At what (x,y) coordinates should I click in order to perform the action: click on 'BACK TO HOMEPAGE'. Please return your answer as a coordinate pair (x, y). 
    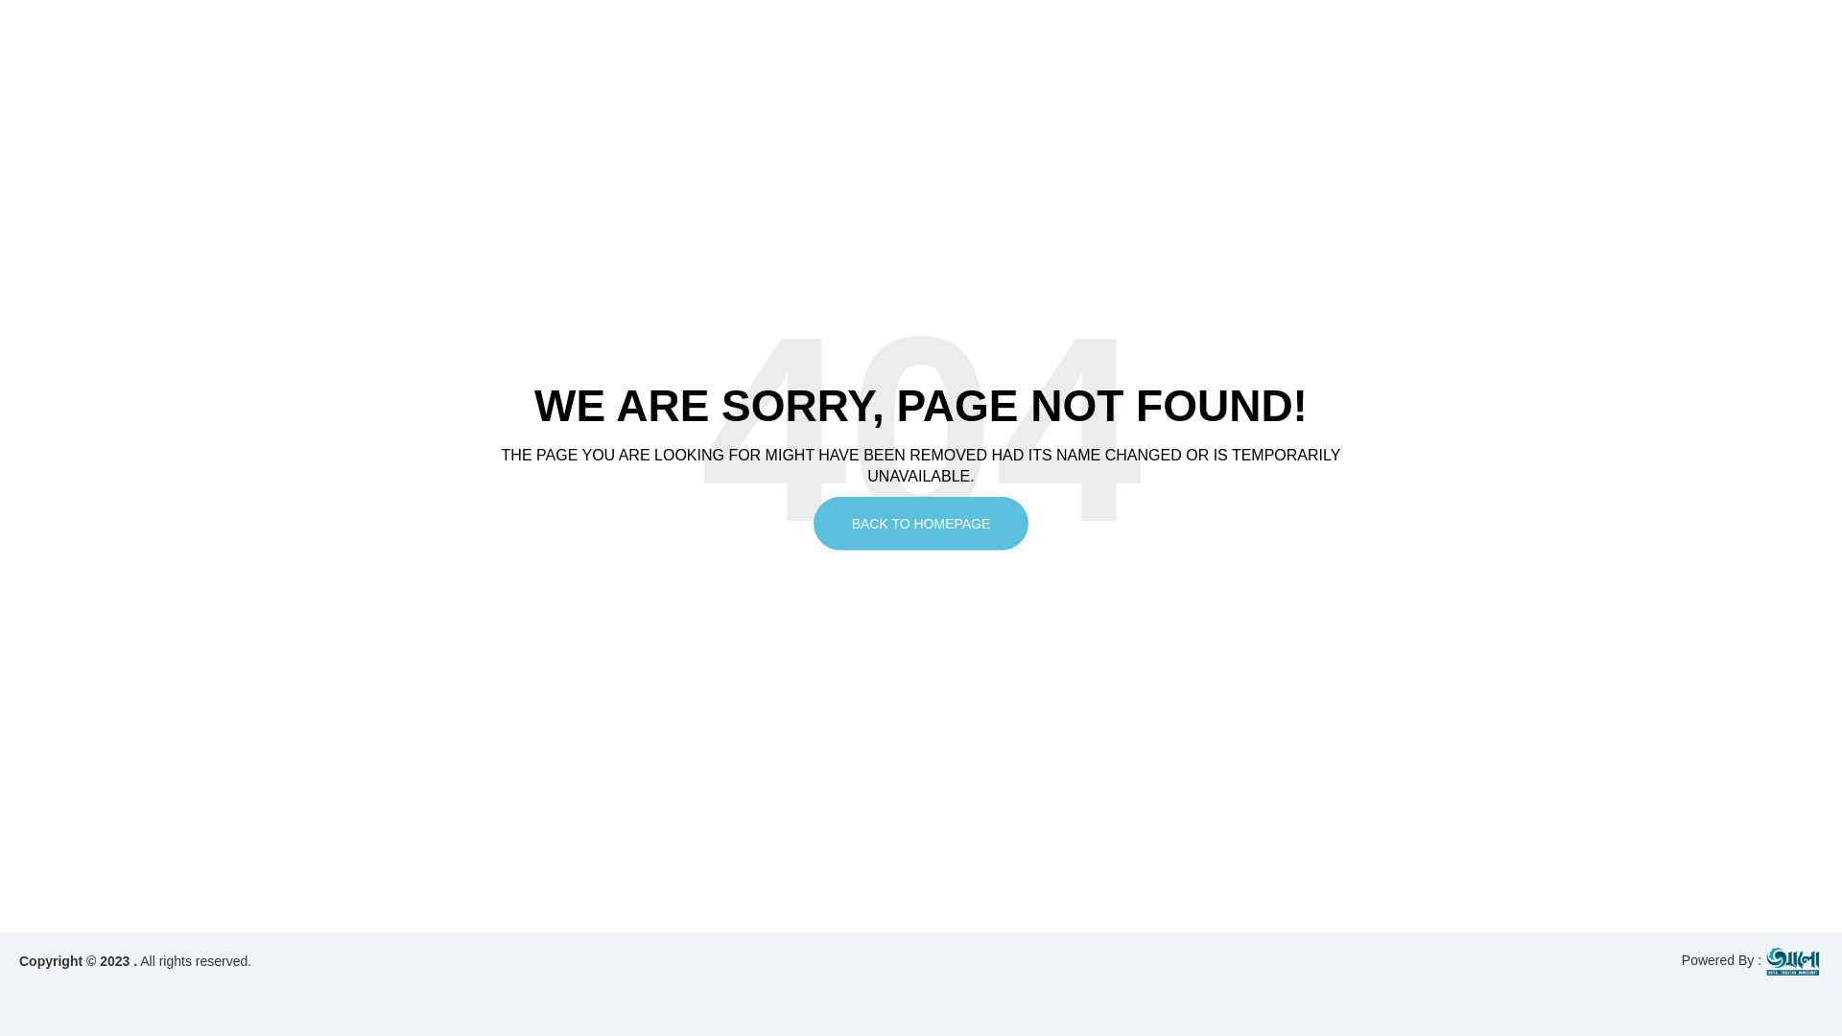
    Looking at the image, I should click on (921, 524).